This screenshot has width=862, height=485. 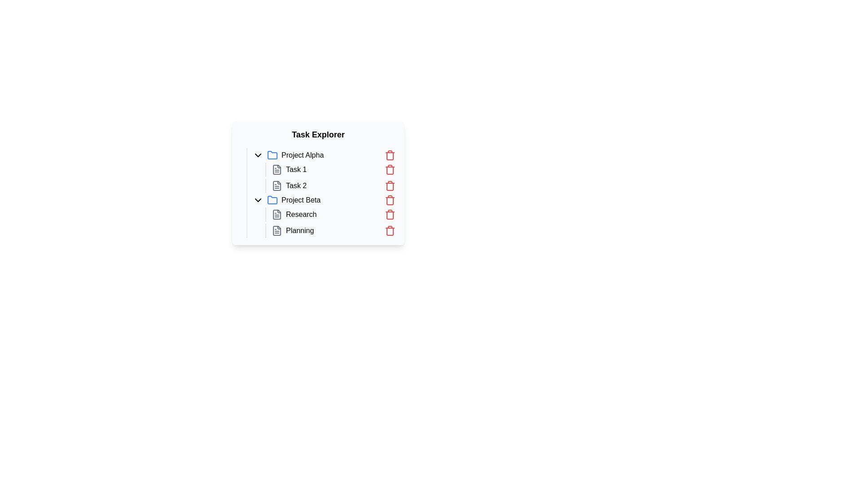 I want to click on the delete button located to the right of 'Task 1' in the task list under 'Project Alpha', so click(x=390, y=170).